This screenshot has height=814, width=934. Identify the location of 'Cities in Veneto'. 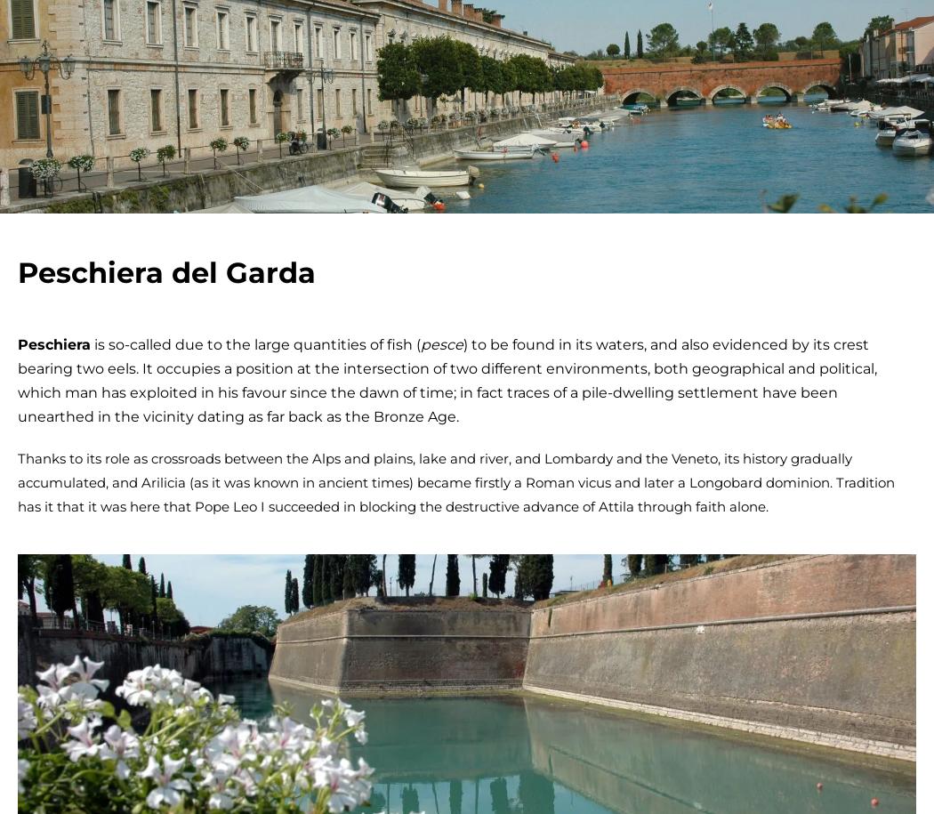
(710, 762).